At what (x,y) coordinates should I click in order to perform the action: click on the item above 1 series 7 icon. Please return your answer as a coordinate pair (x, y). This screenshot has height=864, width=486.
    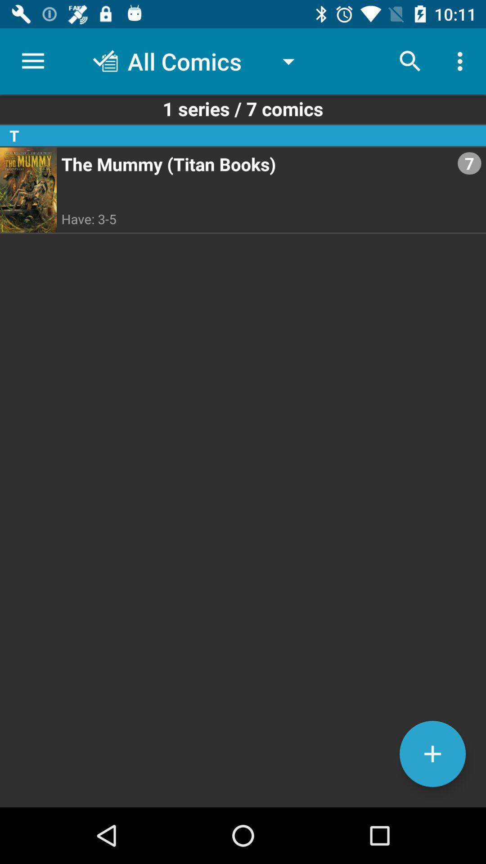
    Looking at the image, I should click on (462, 61).